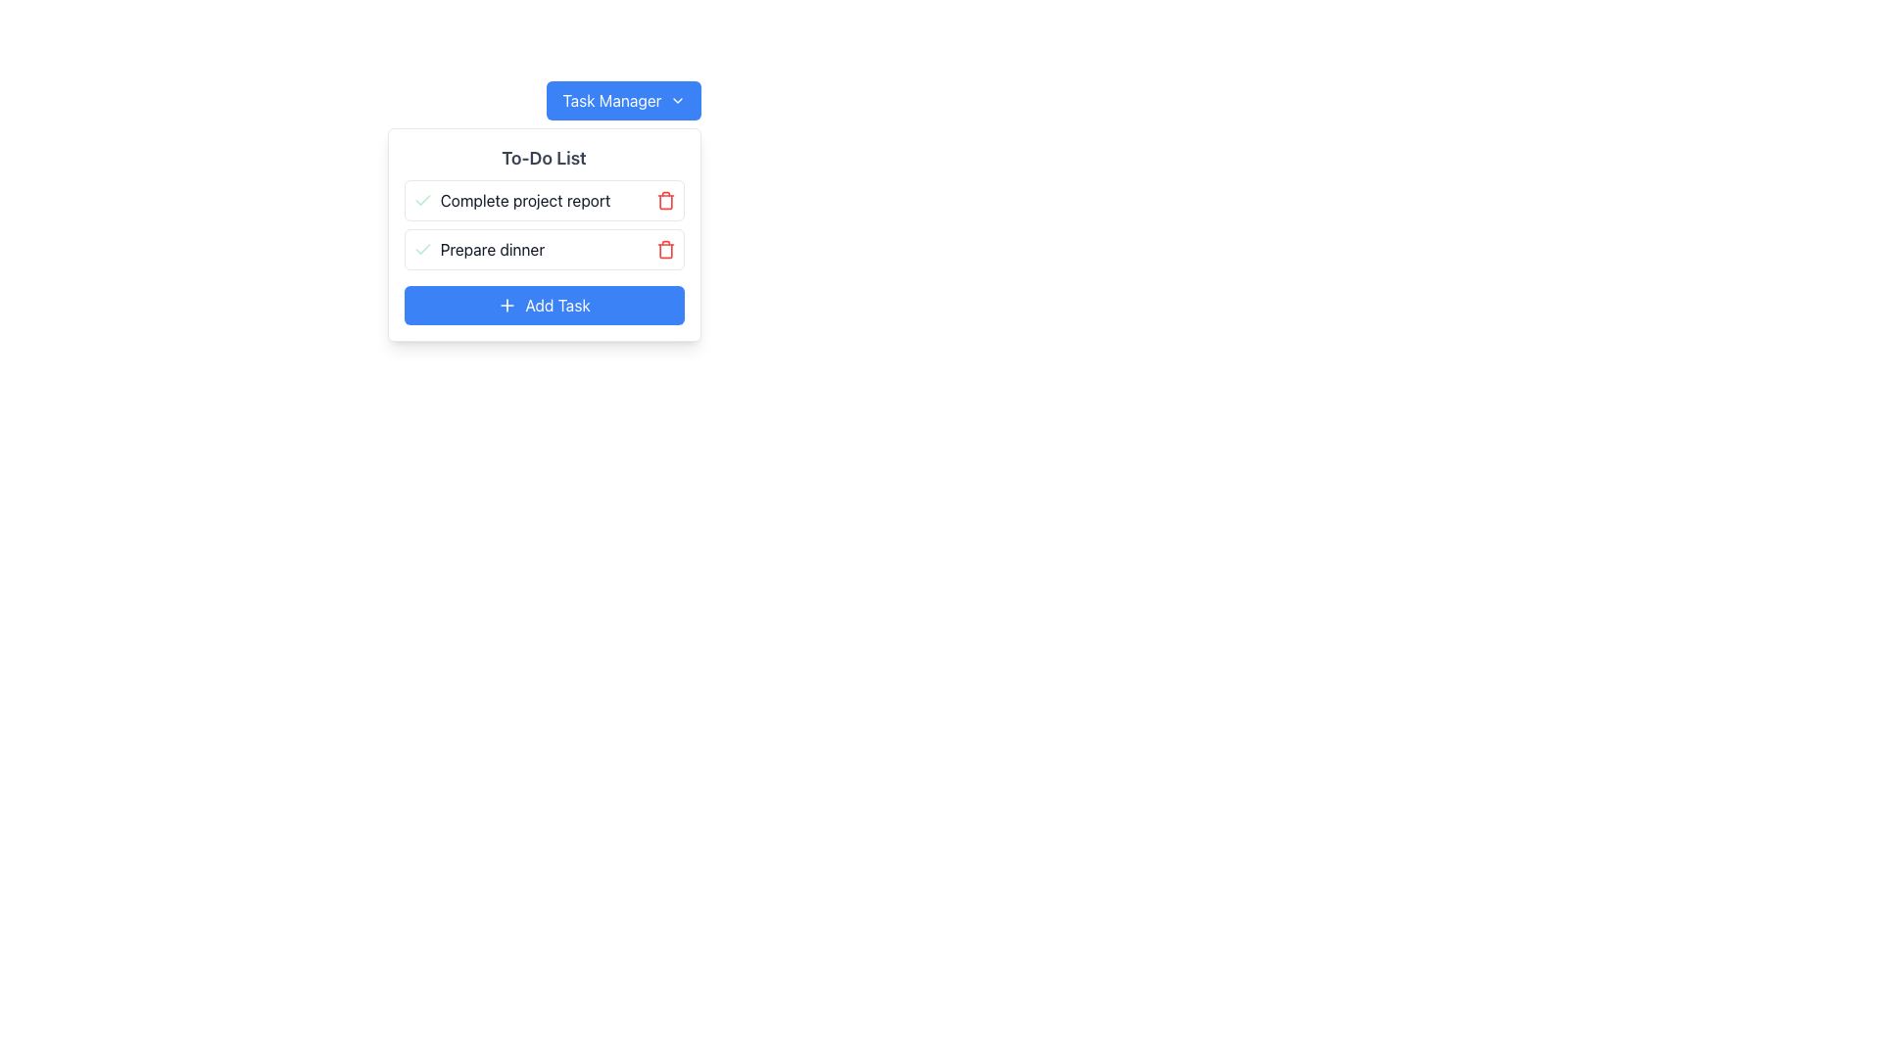 The image size is (1881, 1058). What do you see at coordinates (544, 224) in the screenshot?
I see `a task from the vertically arranged list of tasks in the To-Do List, located centrally below the heading and above the Add Task button` at bounding box center [544, 224].